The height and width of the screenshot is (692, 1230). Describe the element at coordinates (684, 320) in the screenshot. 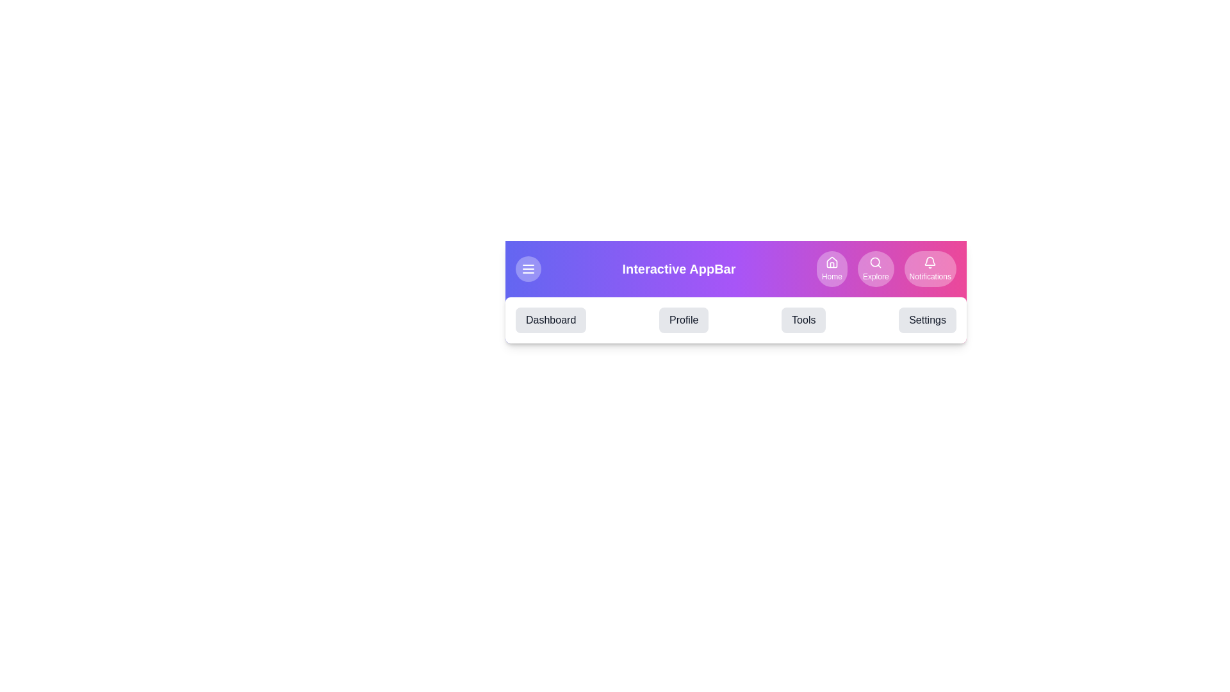

I see `the Profile in the navigation menu` at that location.